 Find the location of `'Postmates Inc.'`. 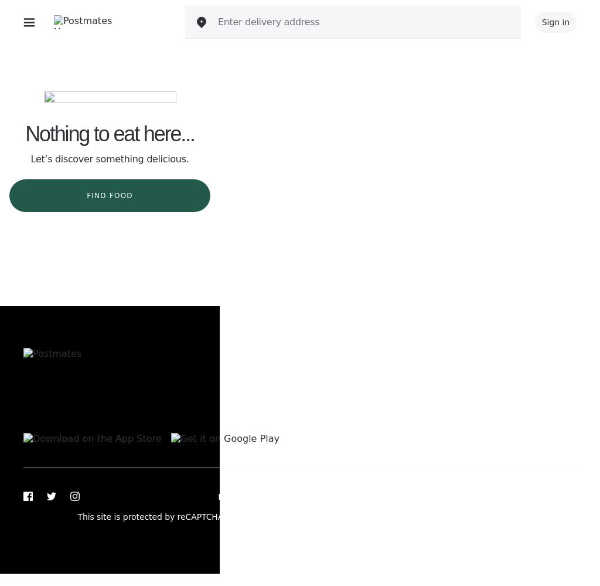

'Postmates Inc.' is located at coordinates (545, 517).